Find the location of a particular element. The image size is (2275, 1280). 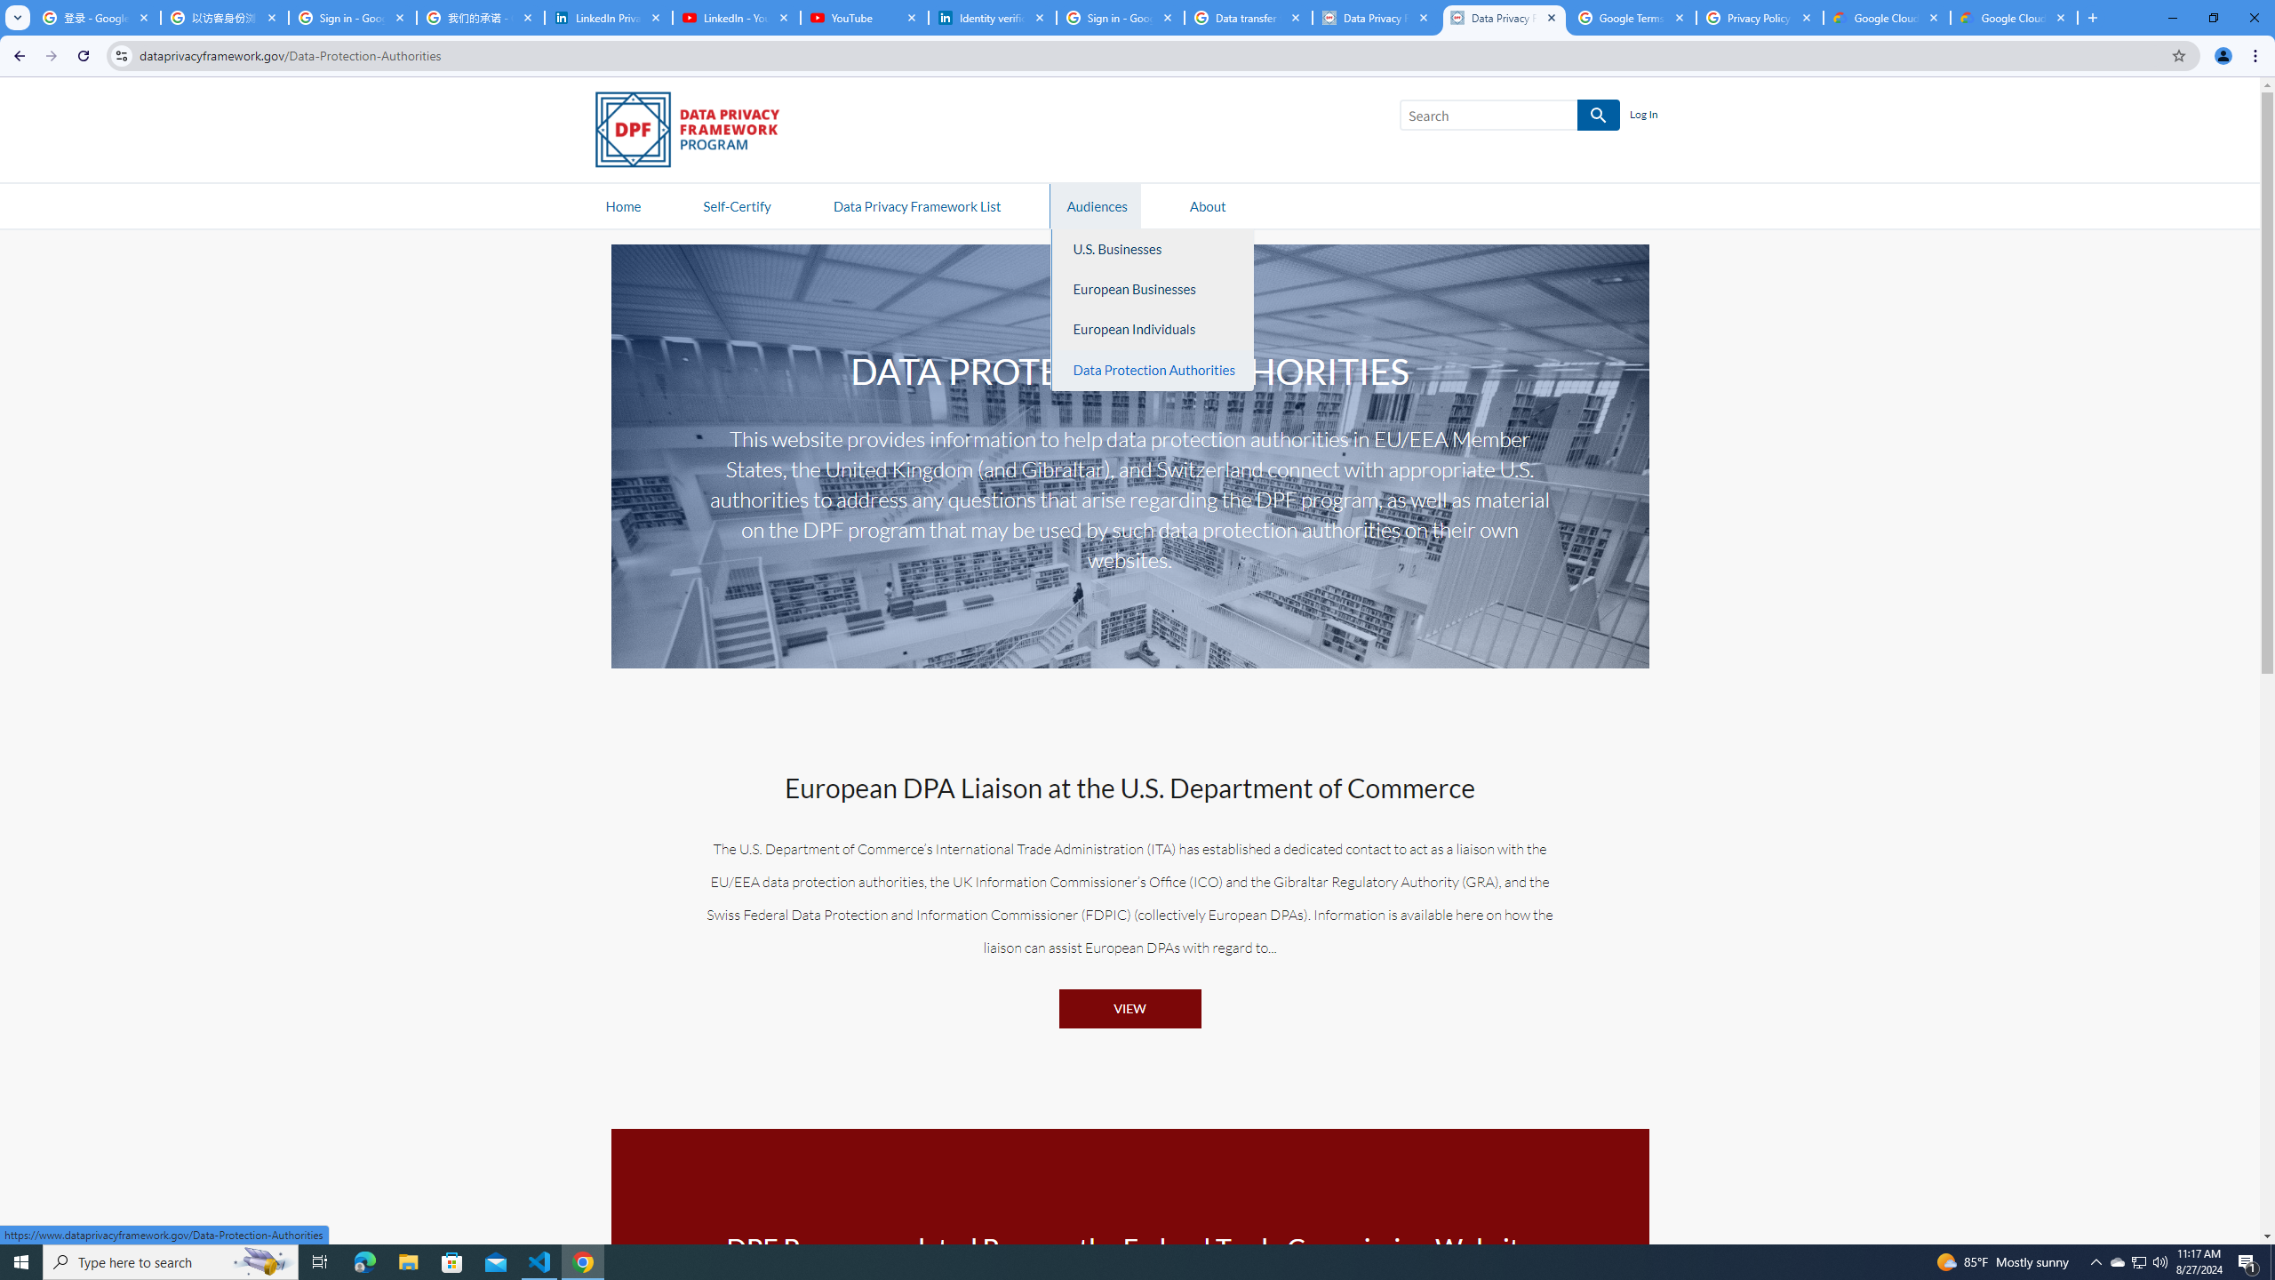

'YouTube' is located at coordinates (863, 17).